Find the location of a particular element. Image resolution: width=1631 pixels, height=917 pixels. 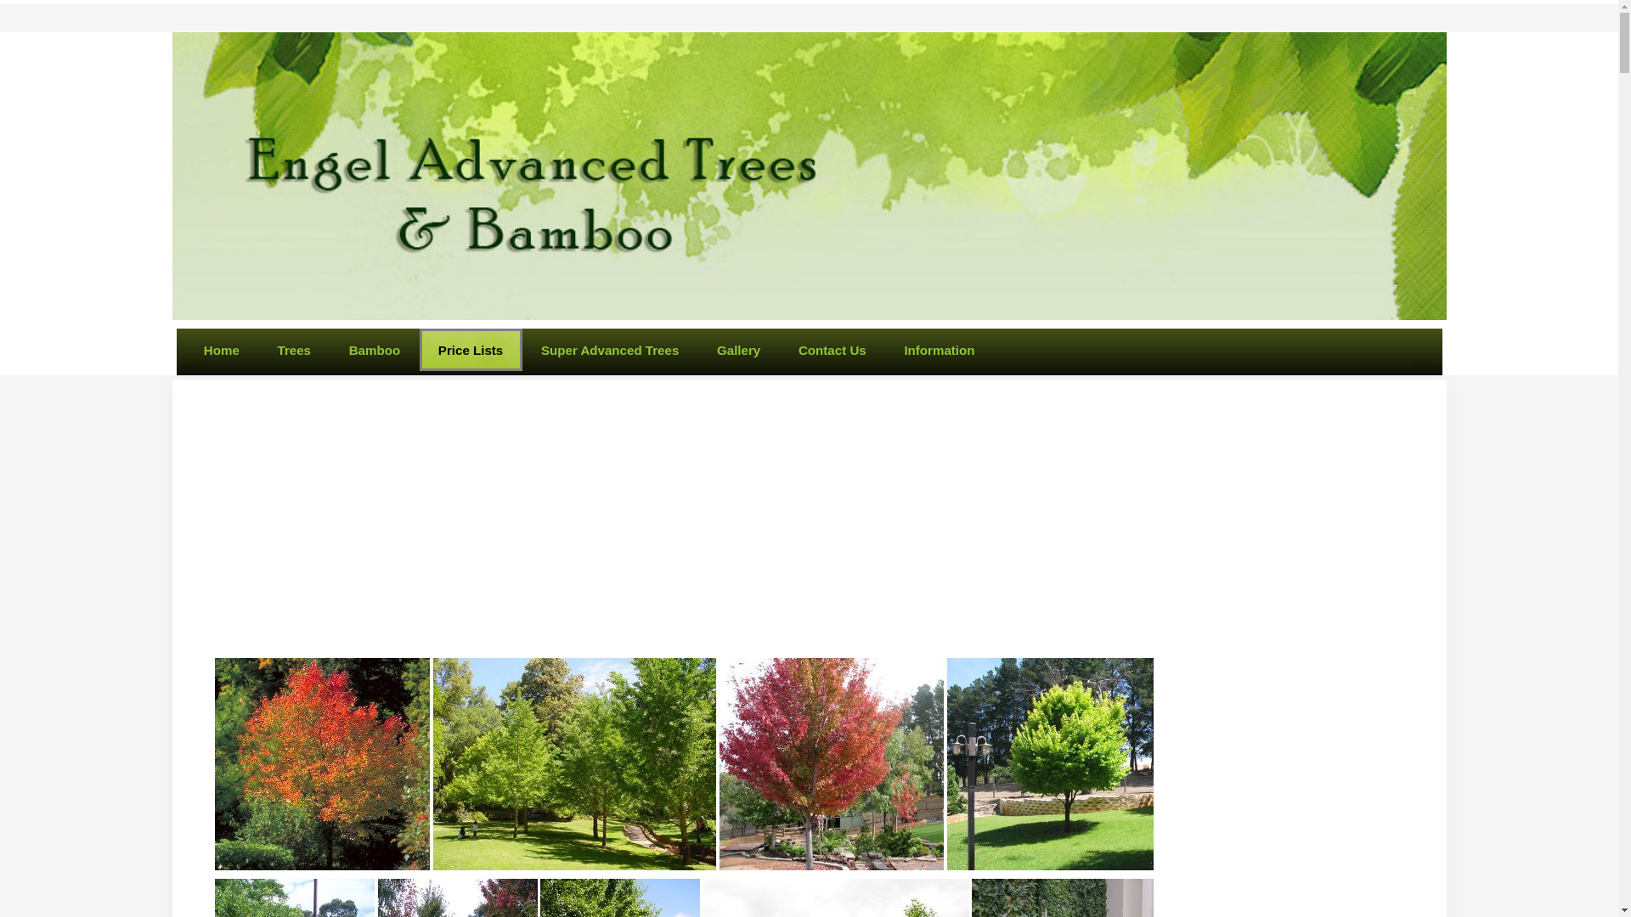

'Contact Us' is located at coordinates (798, 349).